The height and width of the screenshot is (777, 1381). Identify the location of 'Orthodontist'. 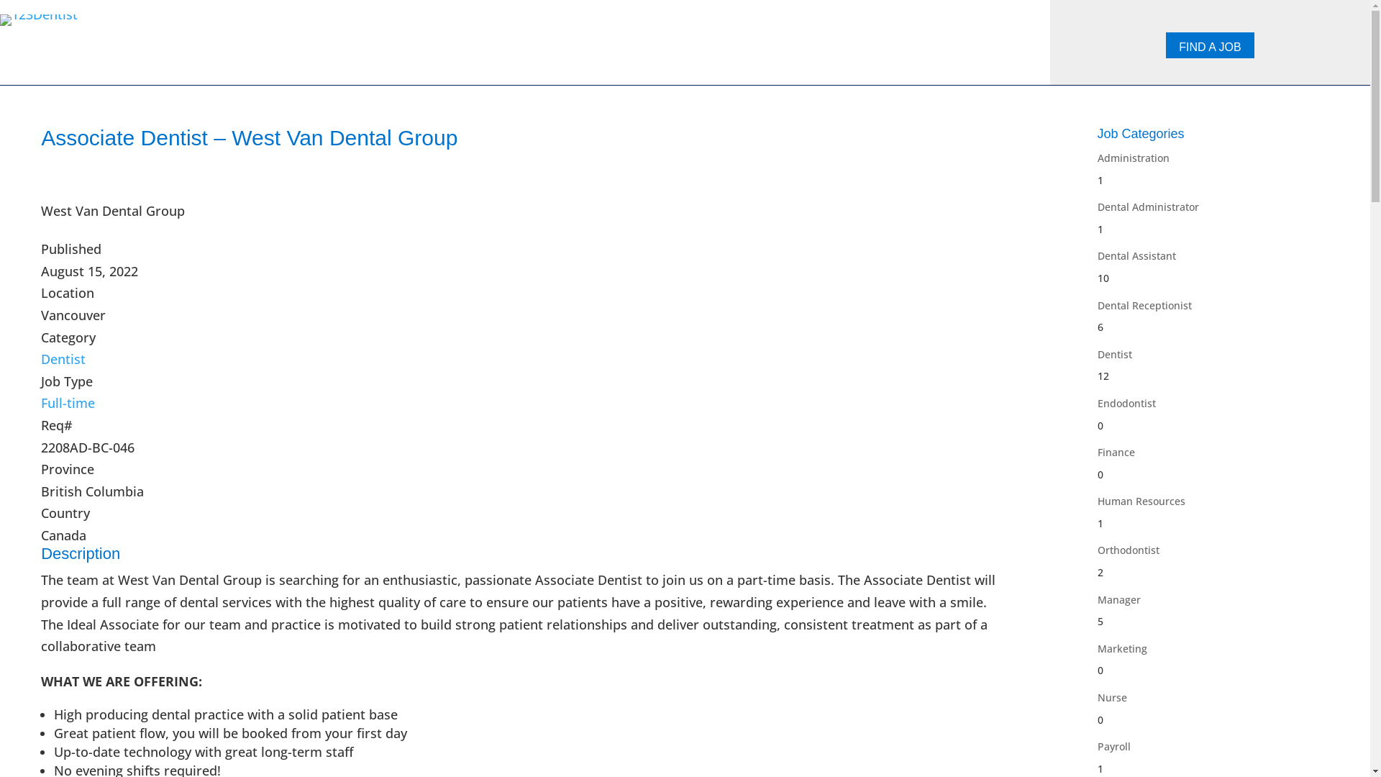
(1128, 550).